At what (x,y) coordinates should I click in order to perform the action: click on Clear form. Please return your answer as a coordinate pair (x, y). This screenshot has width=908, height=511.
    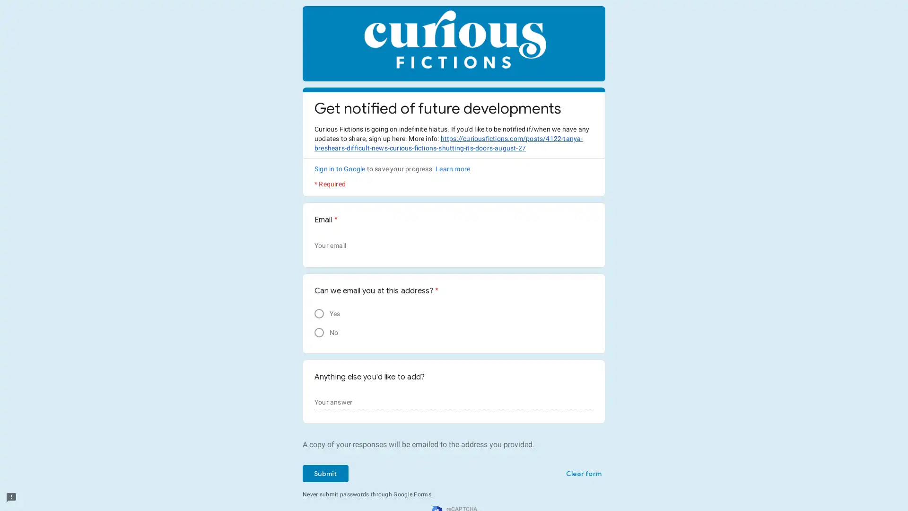
    Looking at the image, I should click on (583, 474).